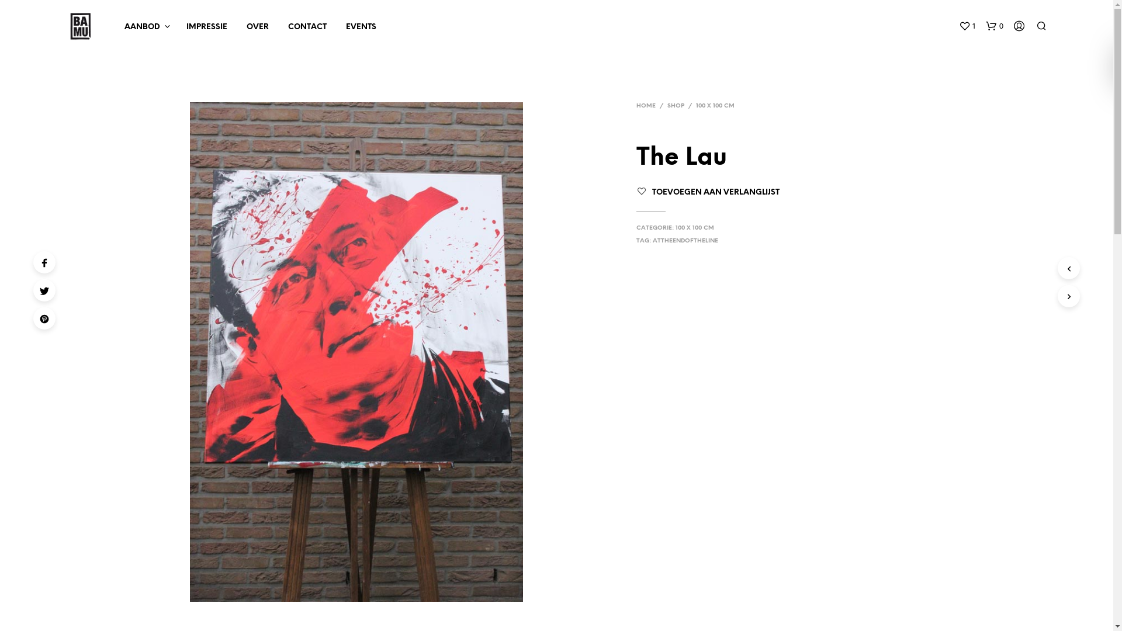 Image resolution: width=1122 pixels, height=631 pixels. I want to click on '100 X 100 CM', so click(676, 228).